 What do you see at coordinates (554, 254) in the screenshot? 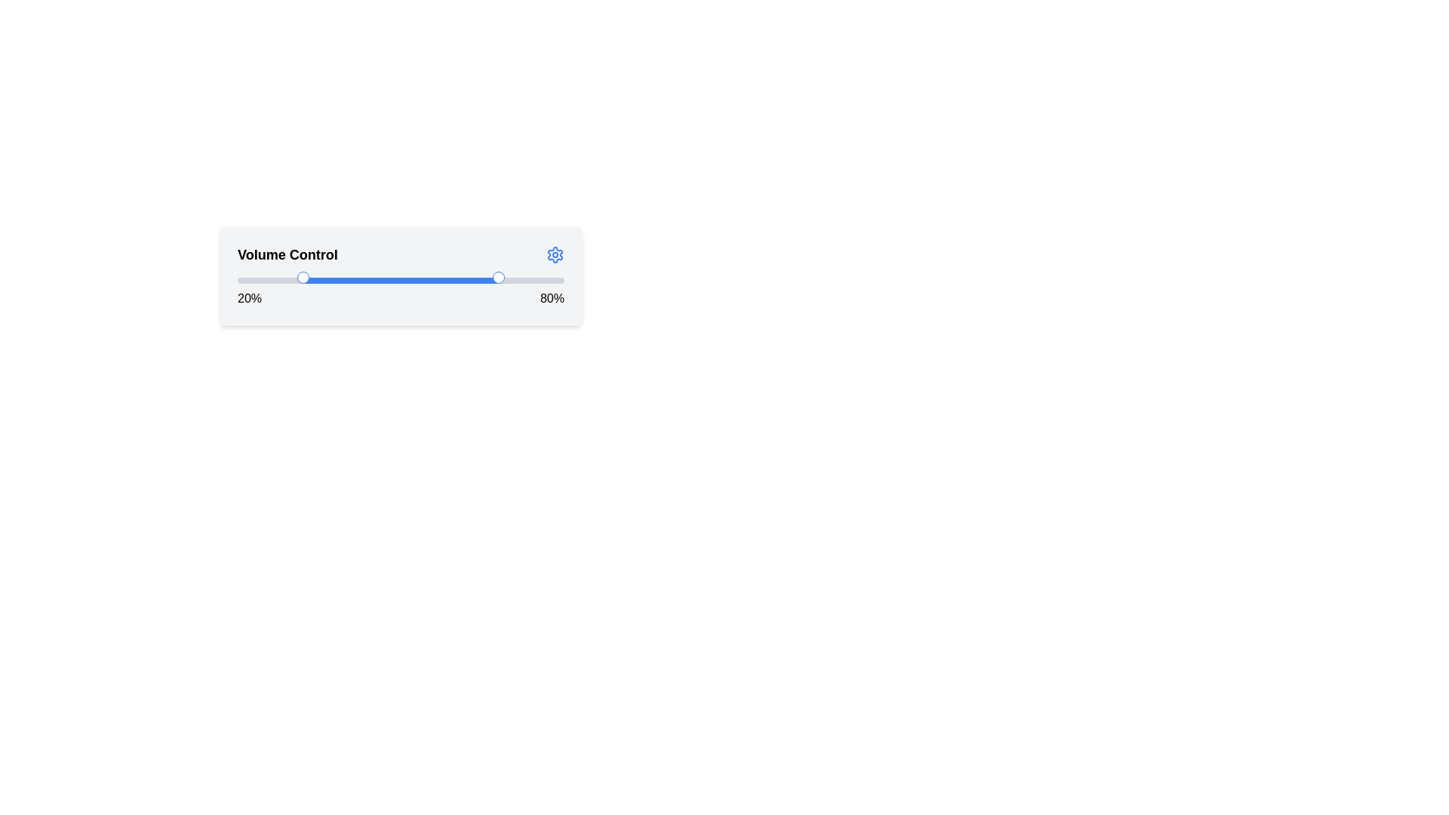
I see `the settings icon located at the far-right end of the Volume Control section` at bounding box center [554, 254].